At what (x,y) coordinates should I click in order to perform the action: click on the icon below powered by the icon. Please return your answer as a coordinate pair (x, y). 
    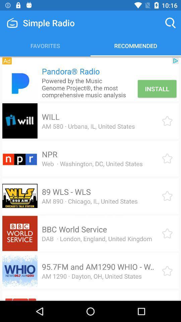
    Looking at the image, I should click on (50, 117).